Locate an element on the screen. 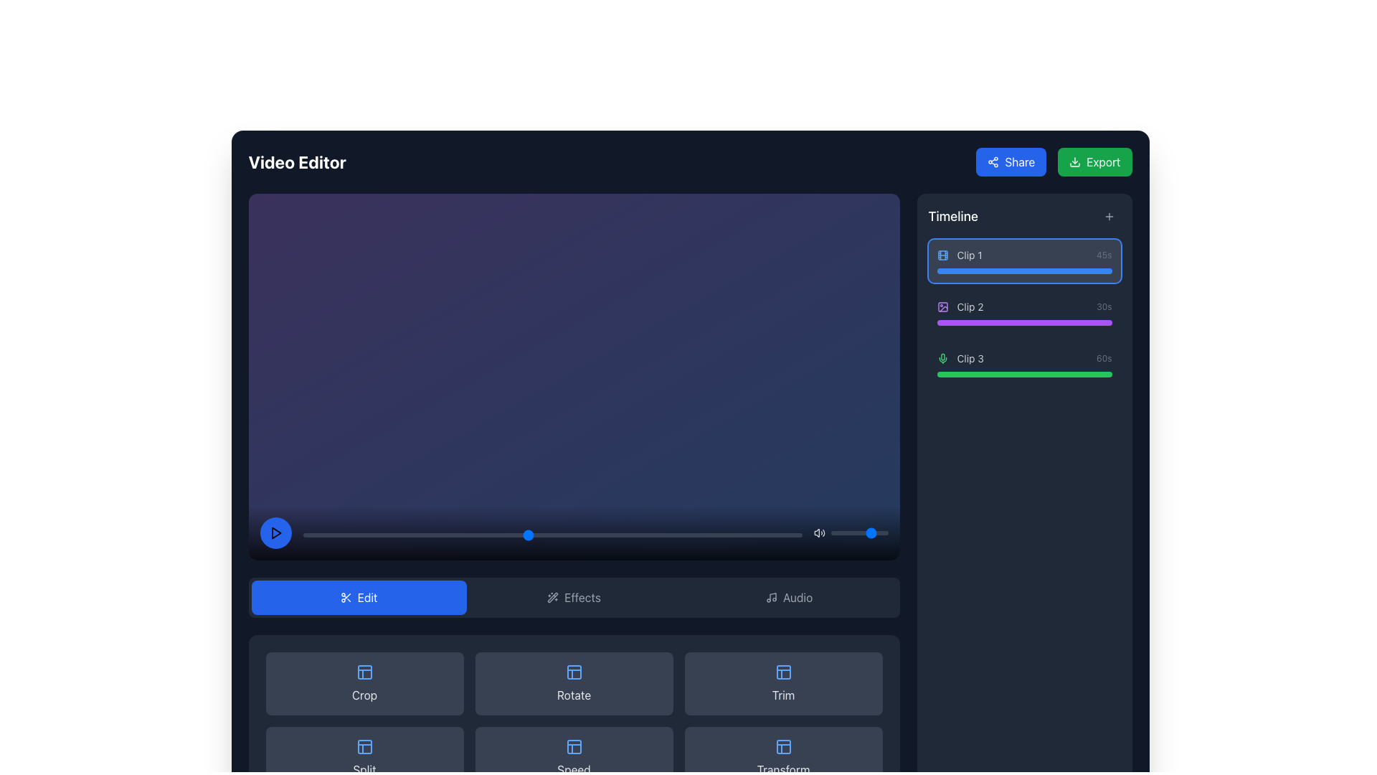 The image size is (1377, 775). the central rectangle representing 'Clip 1' in the video editor timeline, which is part of the SVG graphical representation is located at coordinates (942, 254).